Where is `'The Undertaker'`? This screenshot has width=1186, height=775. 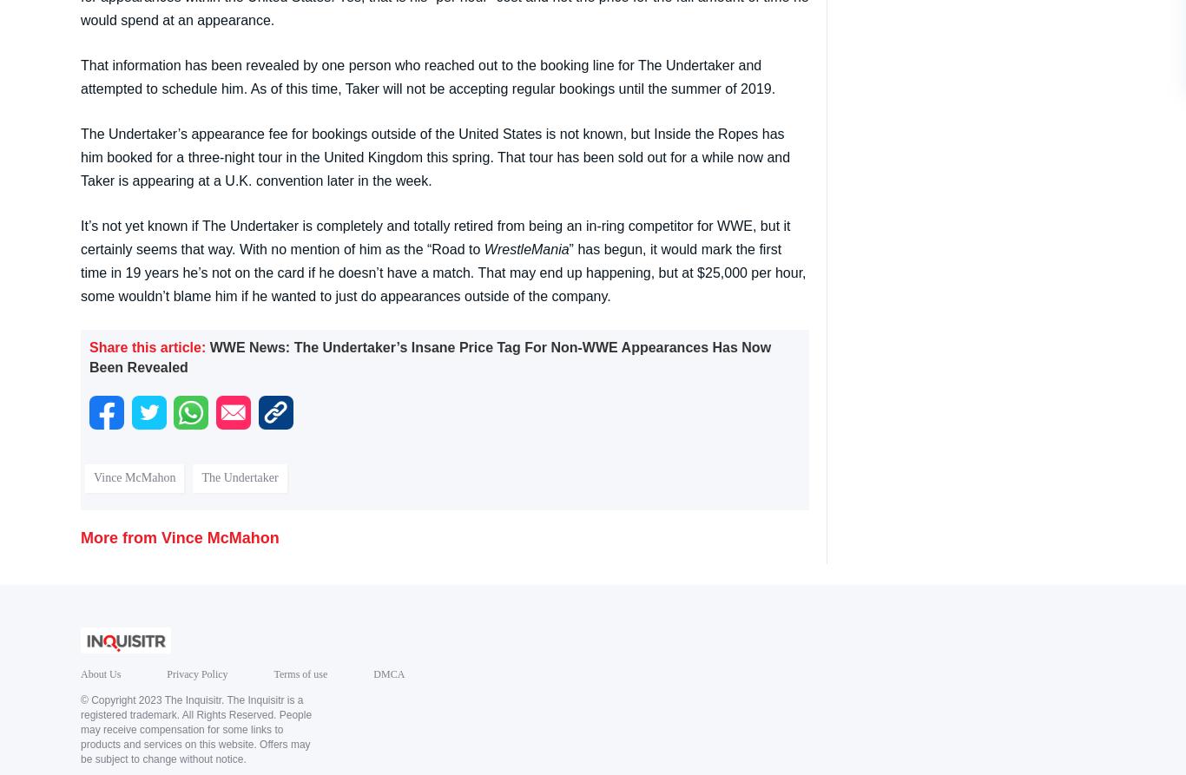
'The Undertaker' is located at coordinates (239, 476).